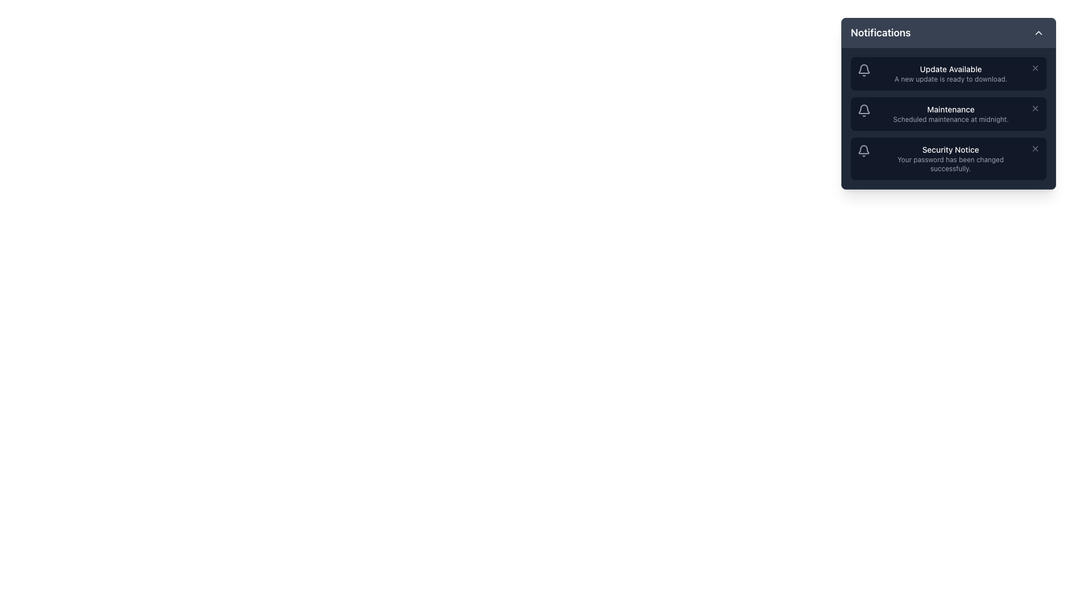  Describe the element at coordinates (950, 164) in the screenshot. I see `the text label displaying 'Your password has been changed successfully.' which is located directly below the 'Security Notice' heading in the notification panel` at that location.